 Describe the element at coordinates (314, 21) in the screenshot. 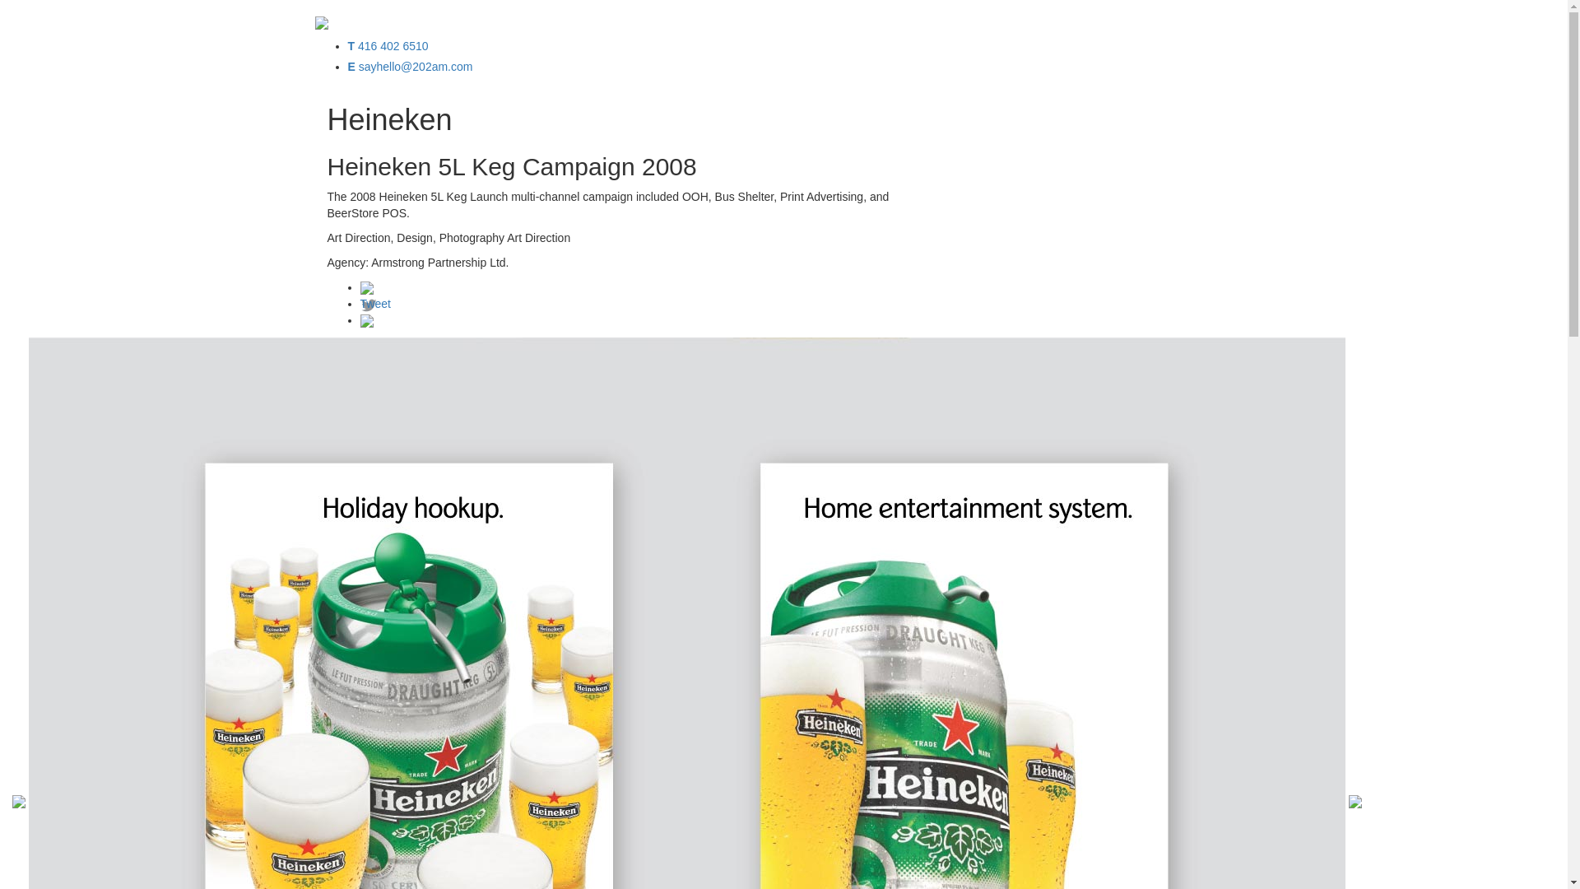

I see `'202am'` at that location.